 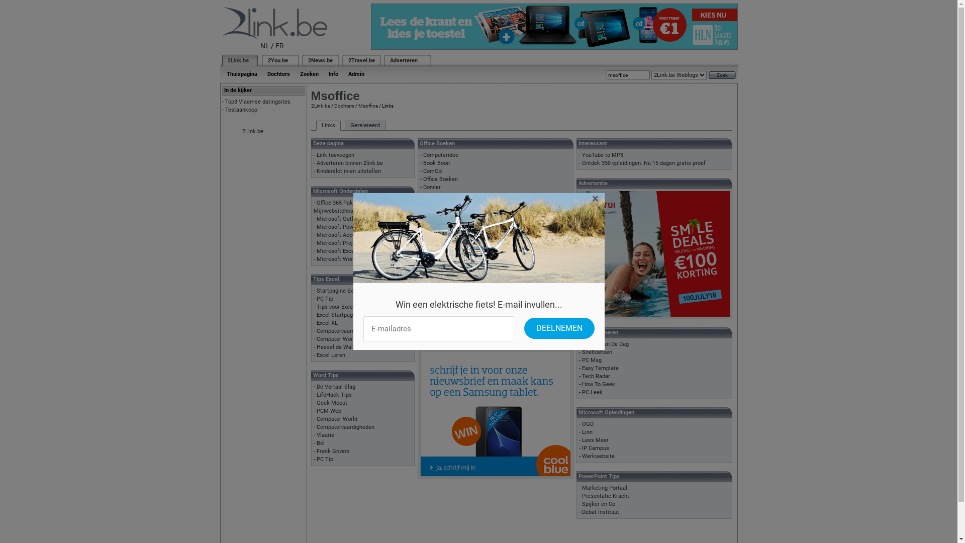 What do you see at coordinates (329, 411) in the screenshot?
I see `'PCM Web'` at bounding box center [329, 411].